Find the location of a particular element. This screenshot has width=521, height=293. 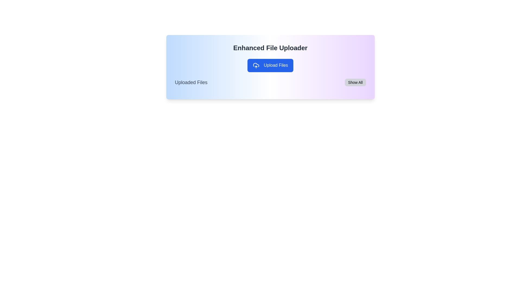

the button with a blue background and bold white text label 'Upload Files' is located at coordinates (270, 67).